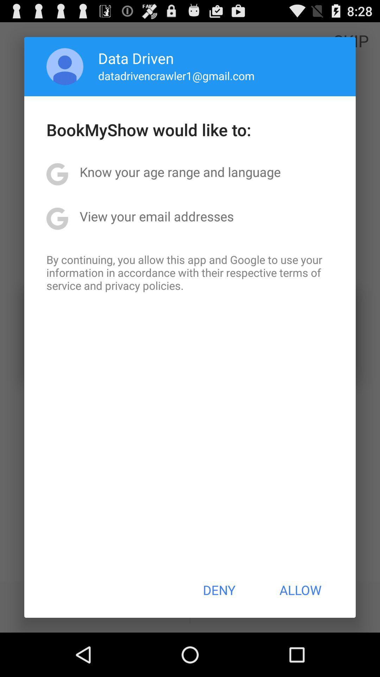 Image resolution: width=380 pixels, height=677 pixels. Describe the element at coordinates (156, 216) in the screenshot. I see `view your email app` at that location.